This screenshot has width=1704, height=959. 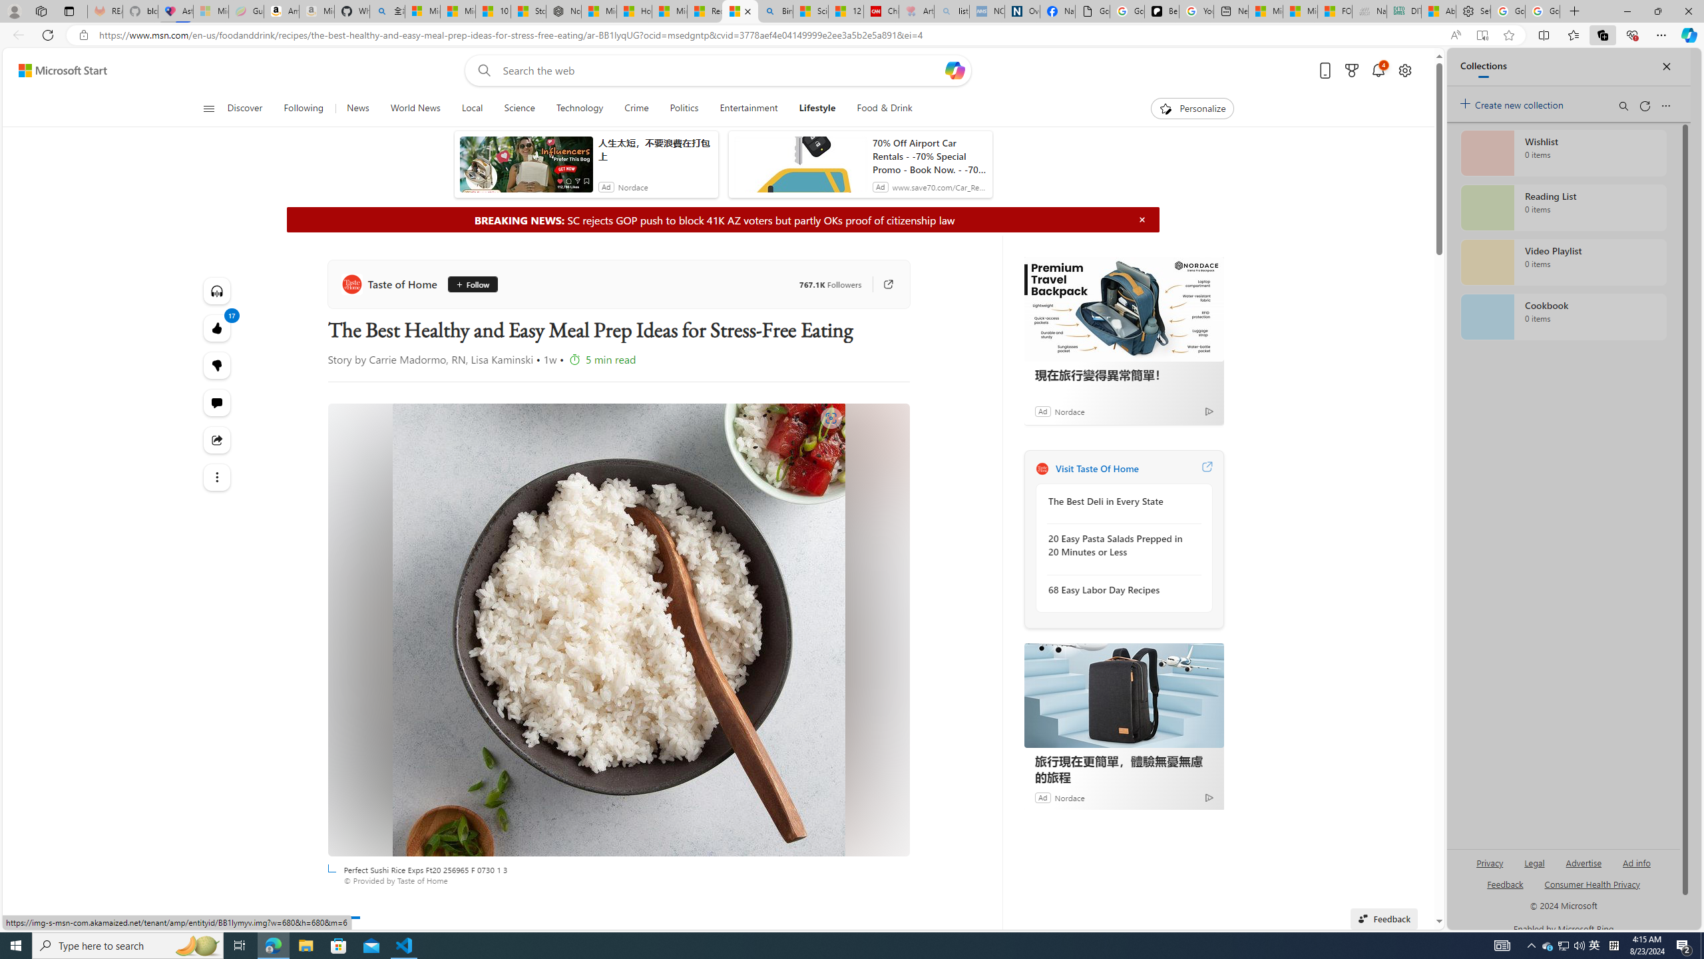 What do you see at coordinates (1368, 11) in the screenshot?
I see `'Navy Quest'` at bounding box center [1368, 11].